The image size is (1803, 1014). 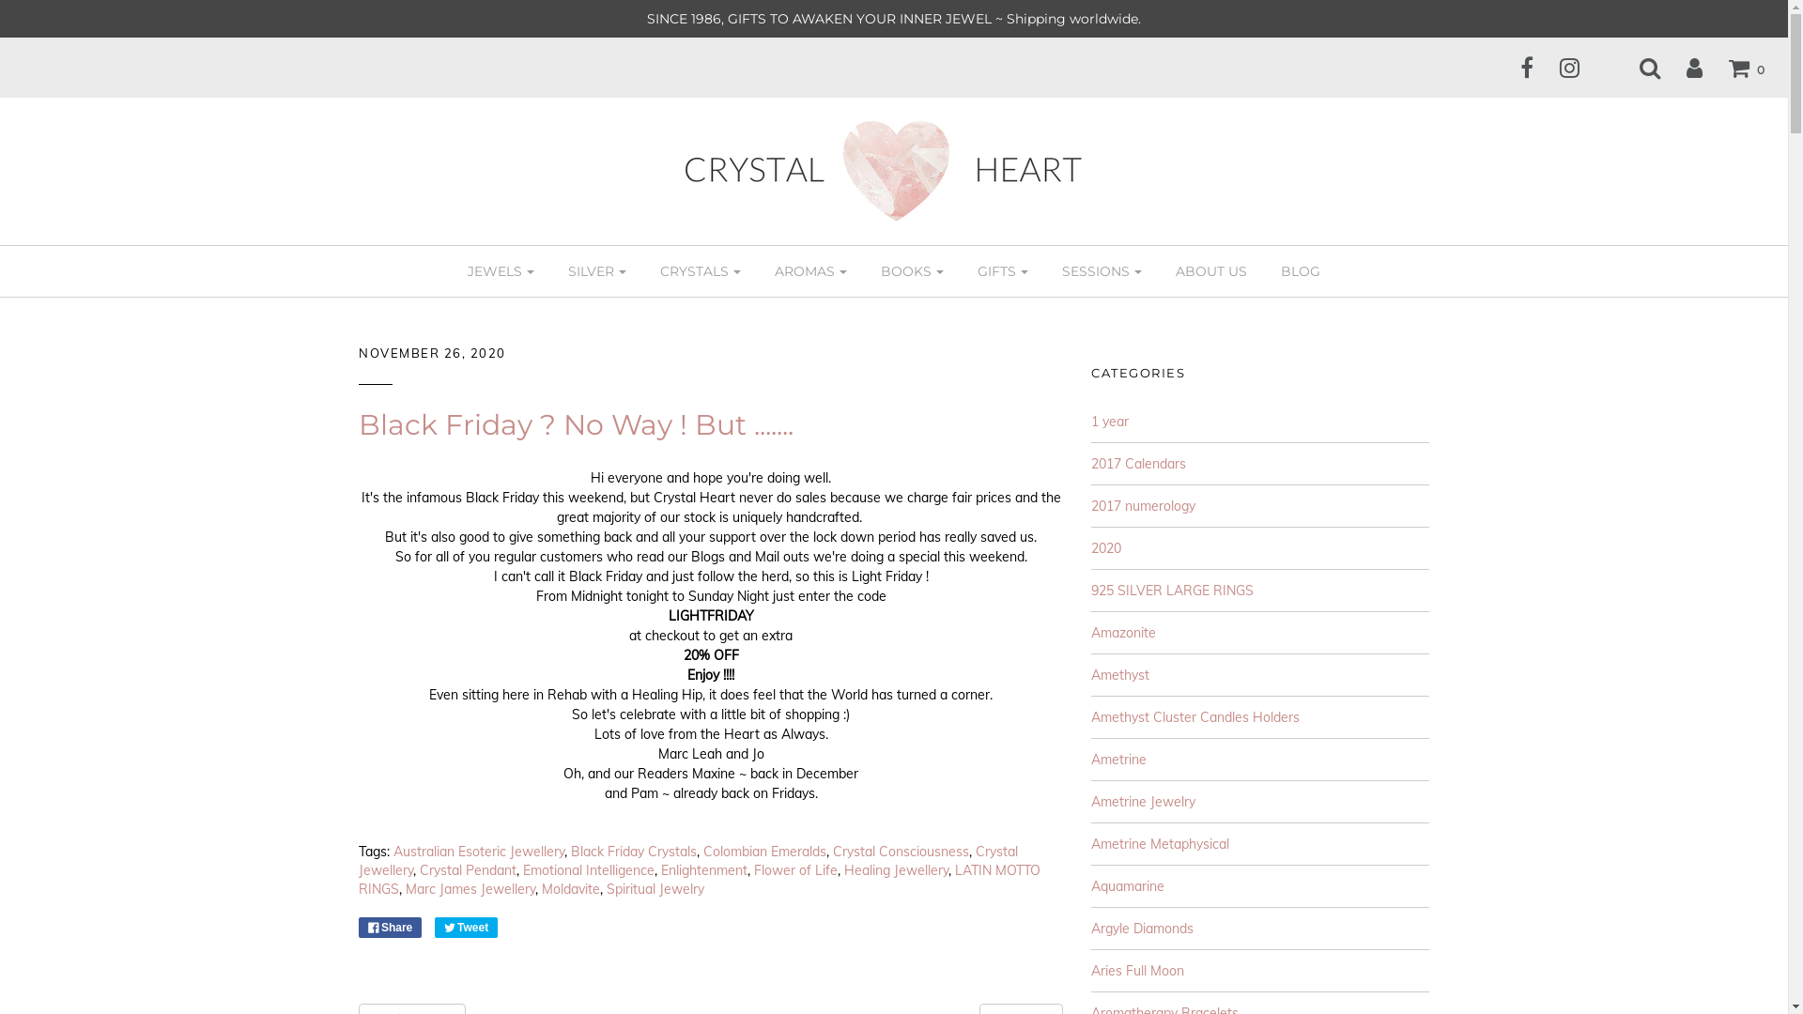 I want to click on 'Black Friday Crystals', so click(x=634, y=851).